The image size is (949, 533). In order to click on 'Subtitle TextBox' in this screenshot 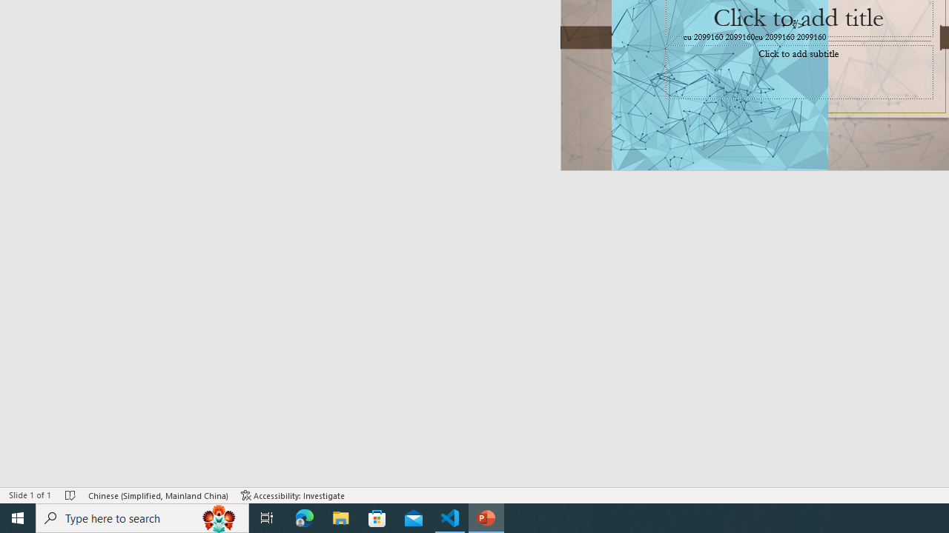, I will do `click(799, 72)`.